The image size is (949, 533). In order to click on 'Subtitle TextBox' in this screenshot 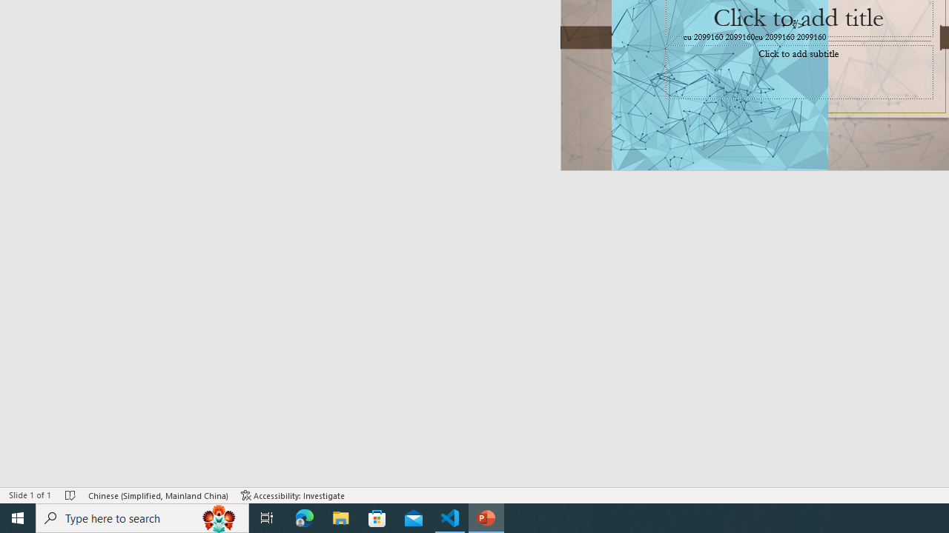, I will do `click(799, 72)`.